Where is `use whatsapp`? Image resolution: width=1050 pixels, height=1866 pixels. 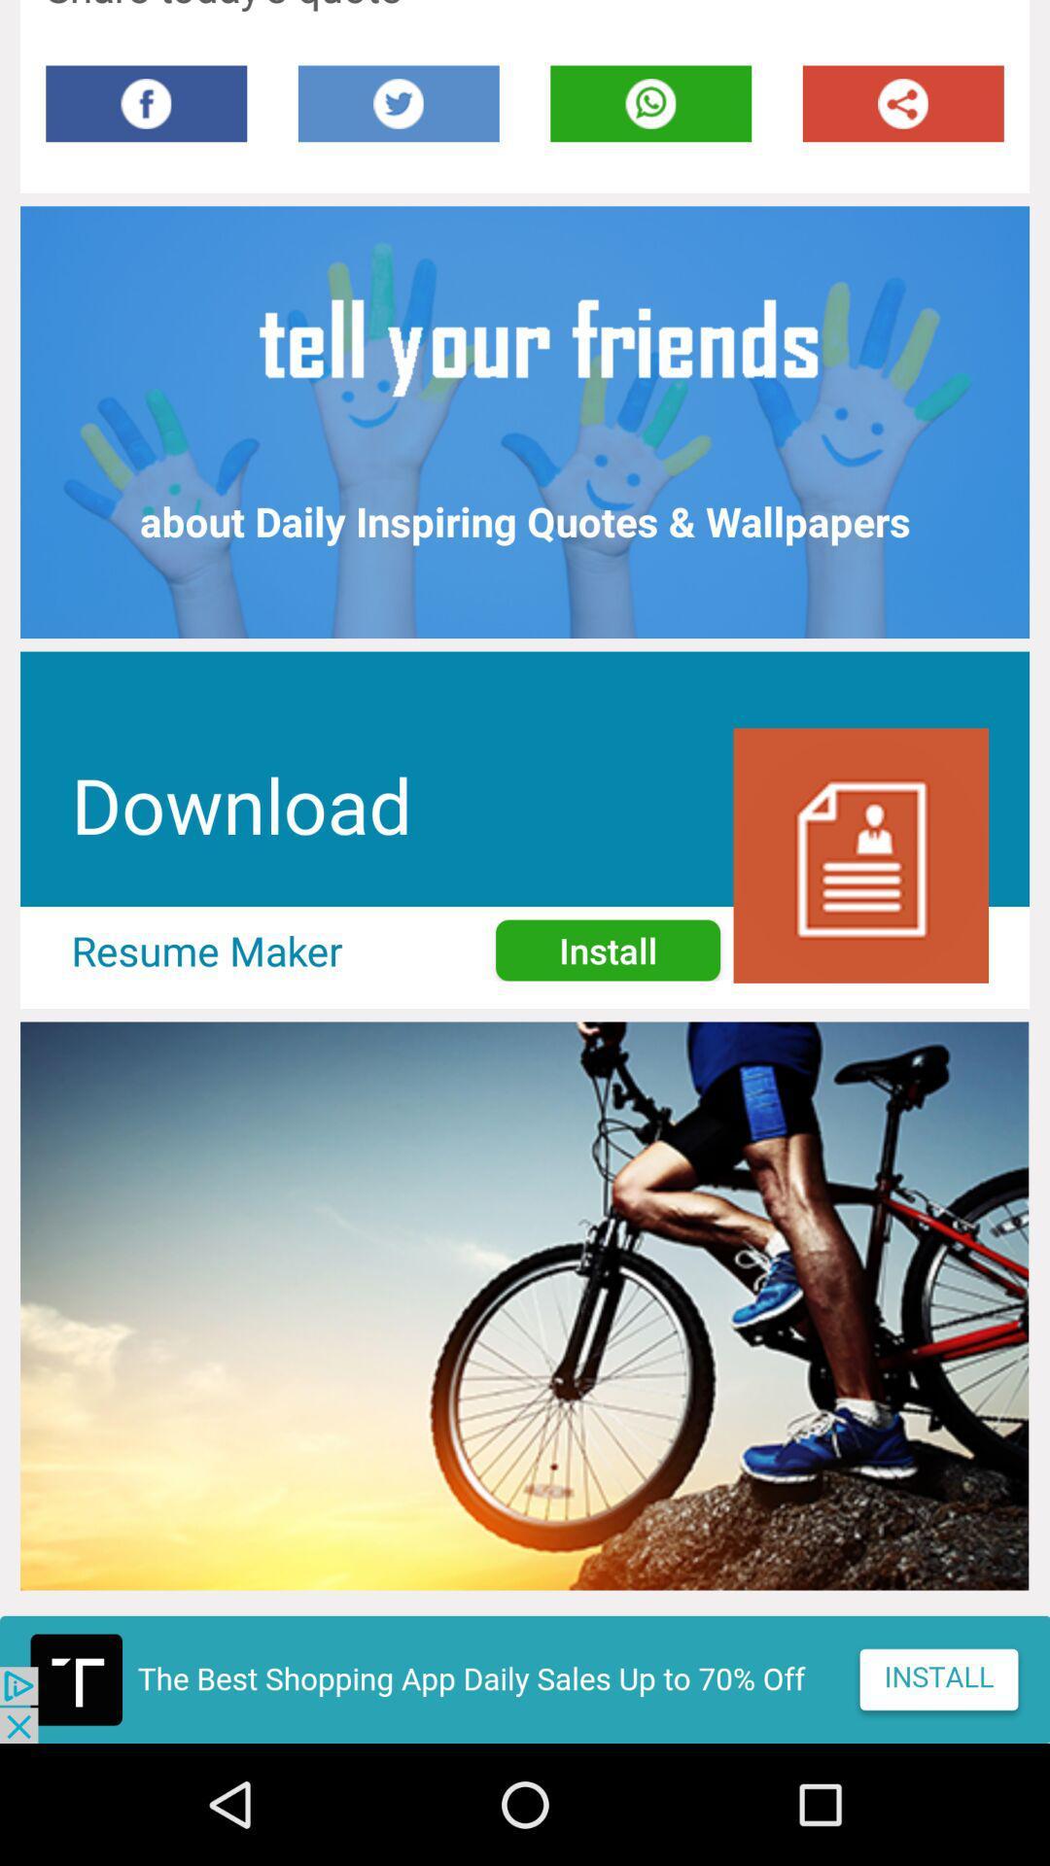 use whatsapp is located at coordinates (650, 102).